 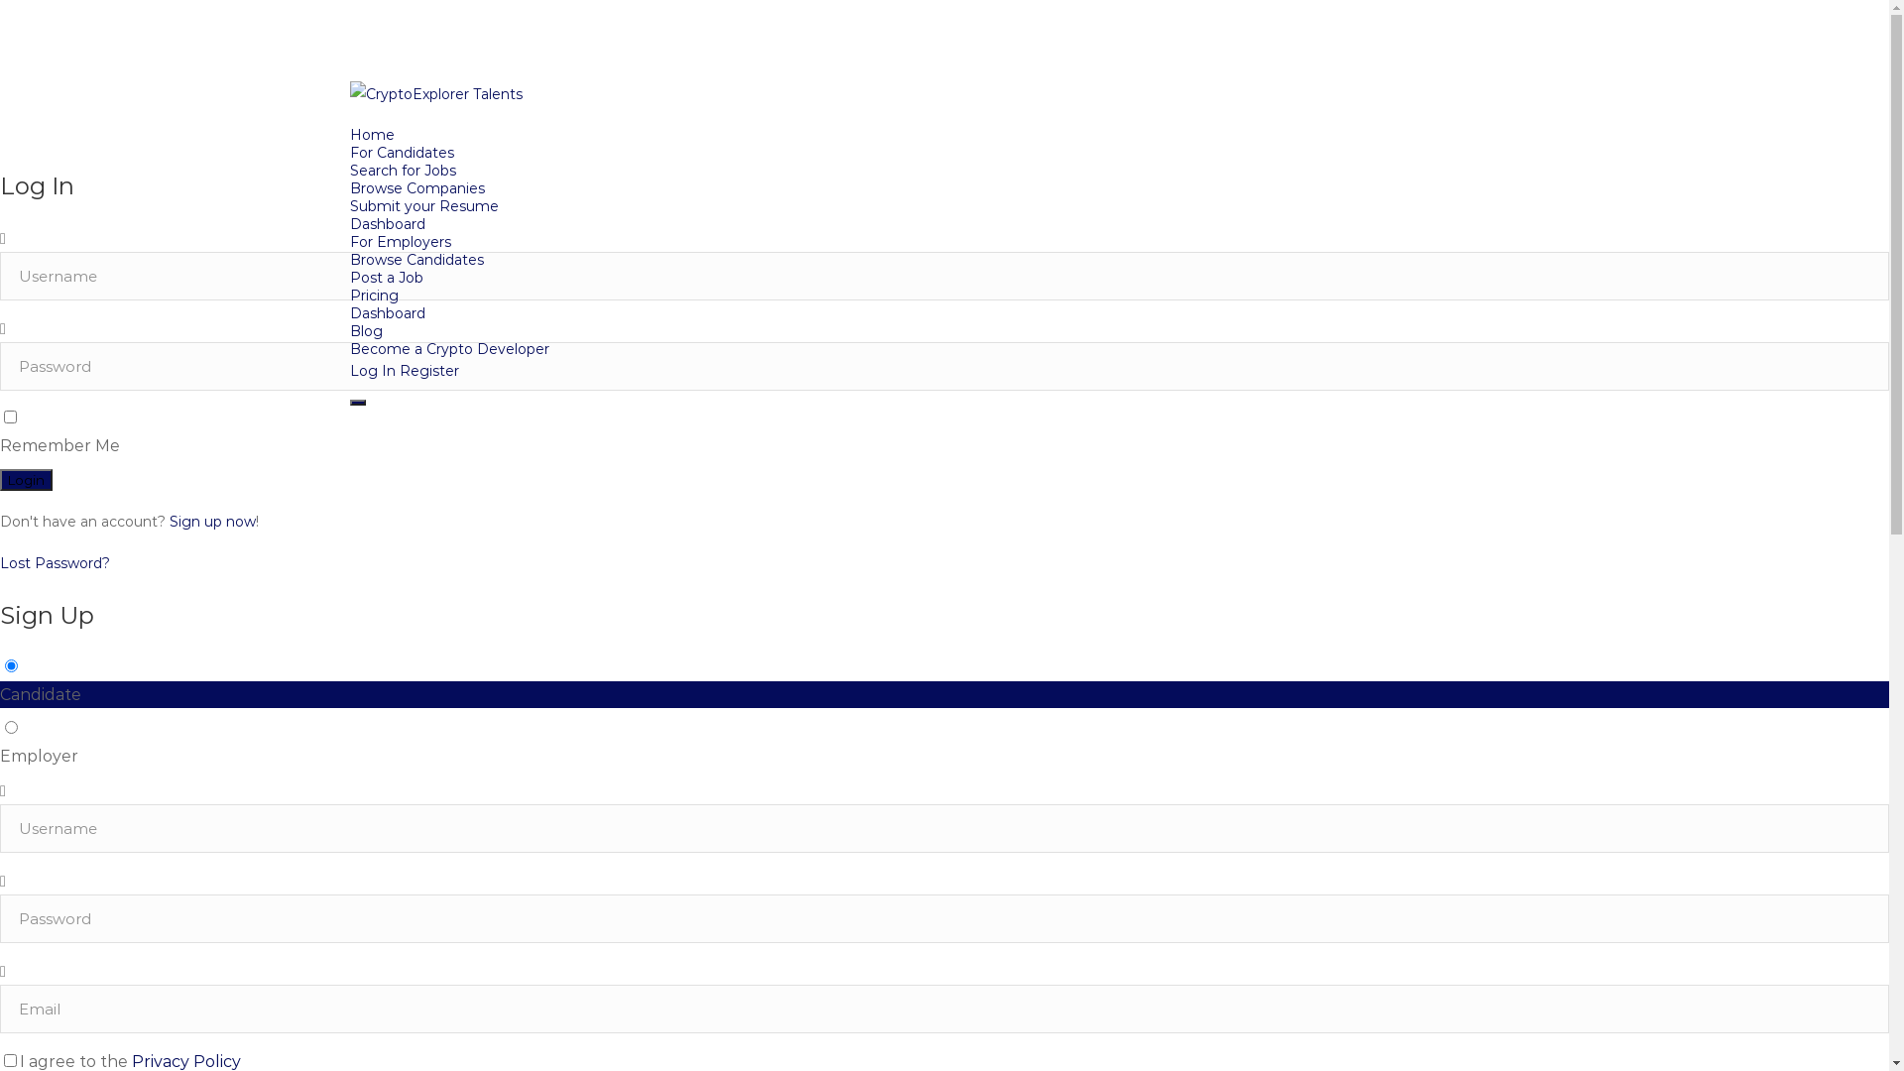 I want to click on 'Login', so click(x=26, y=479).